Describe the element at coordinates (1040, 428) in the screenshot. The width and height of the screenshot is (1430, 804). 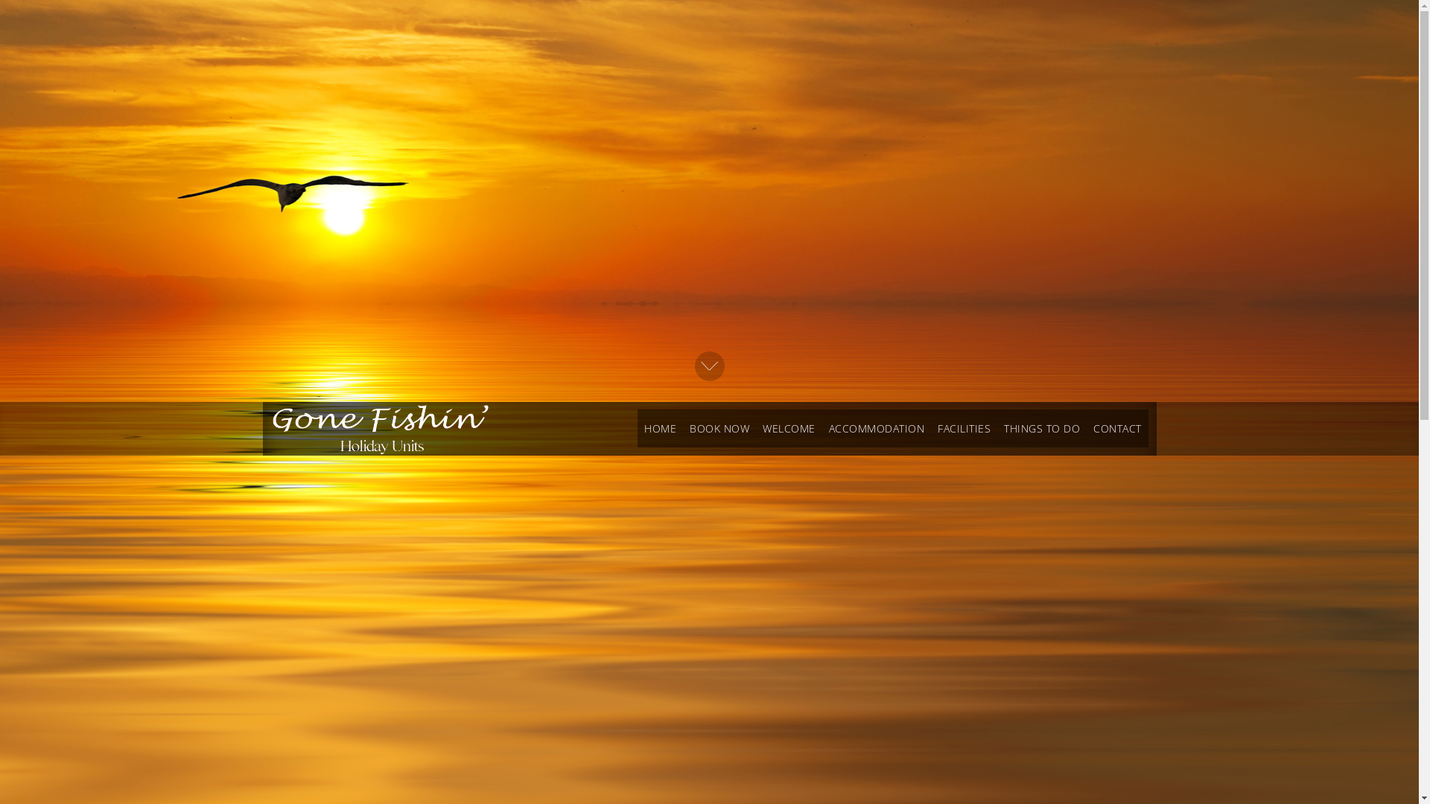
I see `'THINGS TO DO'` at that location.